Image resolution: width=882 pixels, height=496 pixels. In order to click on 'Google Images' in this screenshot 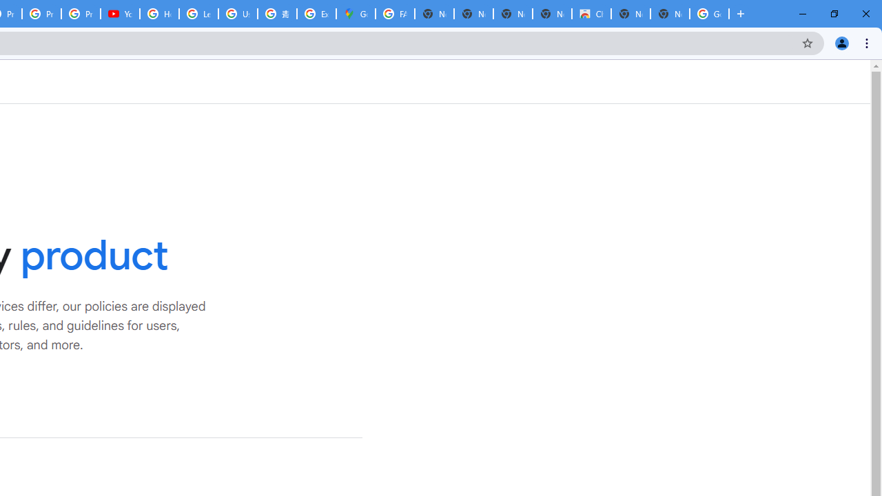, I will do `click(709, 14)`.